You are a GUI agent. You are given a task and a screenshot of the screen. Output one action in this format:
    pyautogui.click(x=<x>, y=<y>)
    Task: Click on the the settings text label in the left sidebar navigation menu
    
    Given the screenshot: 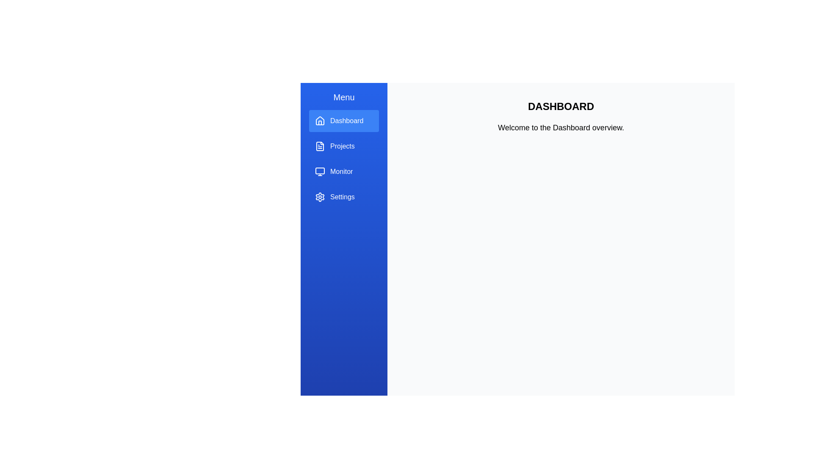 What is the action you would take?
    pyautogui.click(x=342, y=197)
    